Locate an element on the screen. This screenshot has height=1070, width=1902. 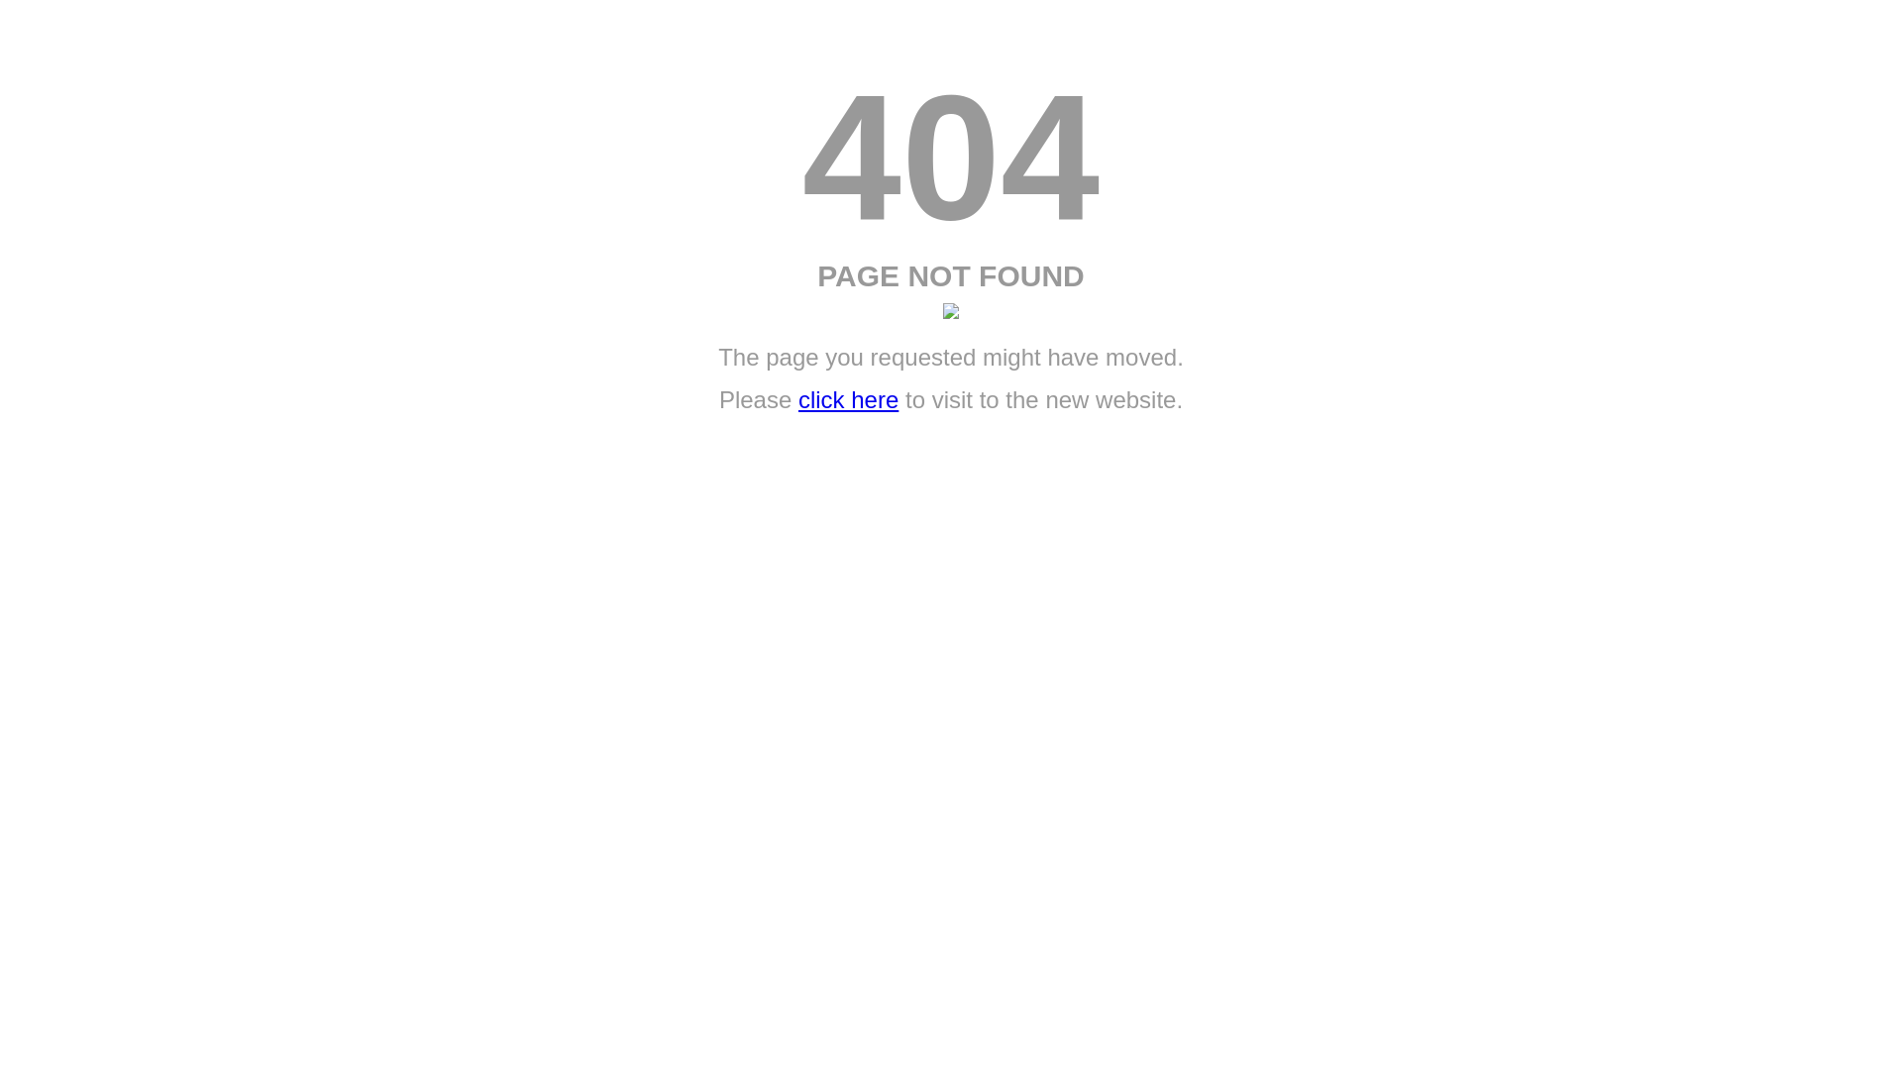
'click here' is located at coordinates (848, 399).